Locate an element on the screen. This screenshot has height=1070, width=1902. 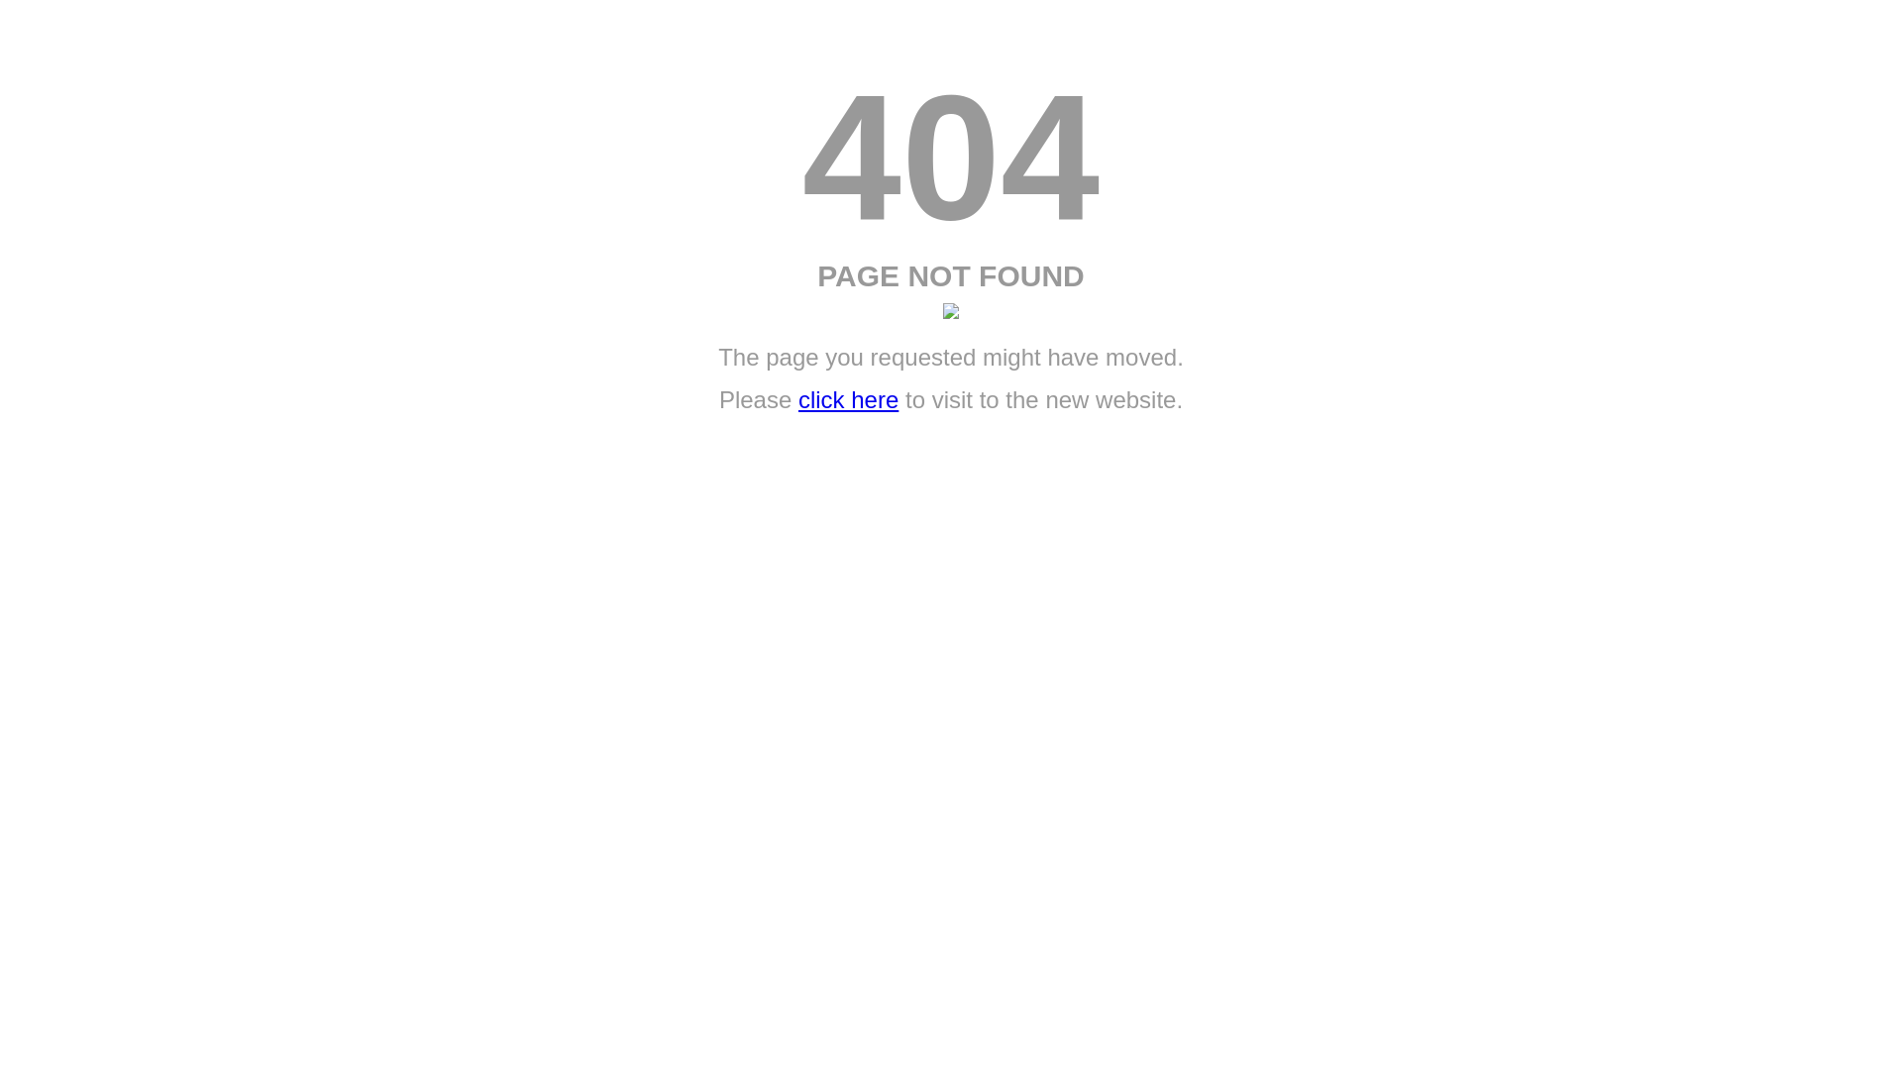
'click here' is located at coordinates (848, 399).